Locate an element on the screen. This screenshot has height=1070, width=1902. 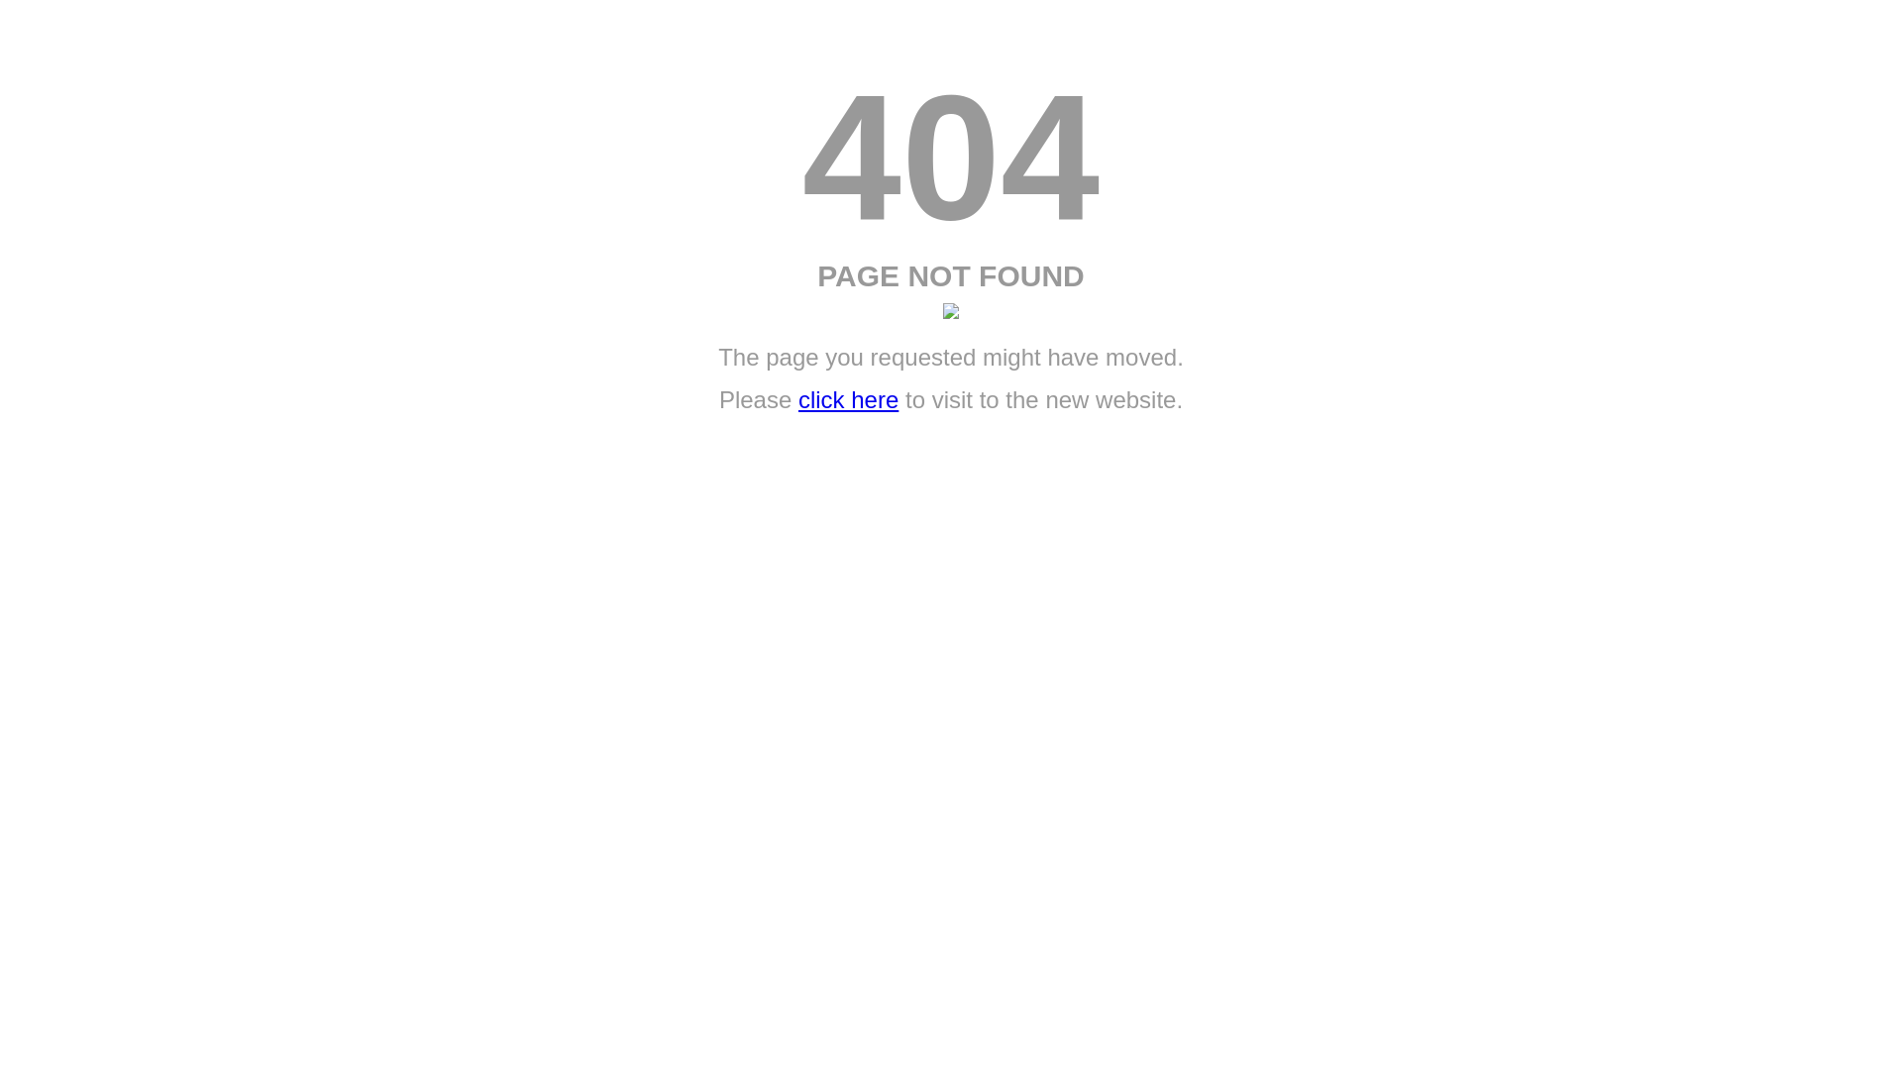
'click here' is located at coordinates (848, 399).